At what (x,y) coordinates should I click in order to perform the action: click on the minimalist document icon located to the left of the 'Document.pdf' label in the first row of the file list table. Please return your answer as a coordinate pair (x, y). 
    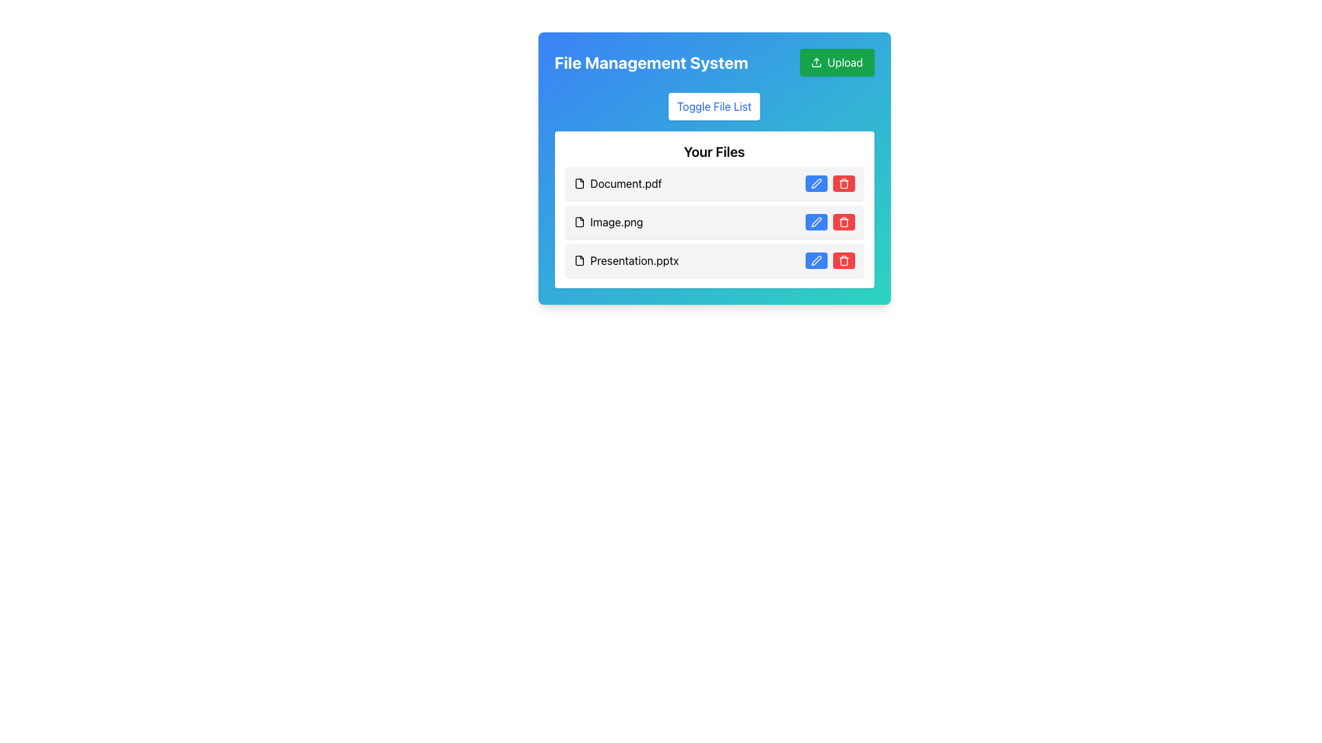
    Looking at the image, I should click on (579, 182).